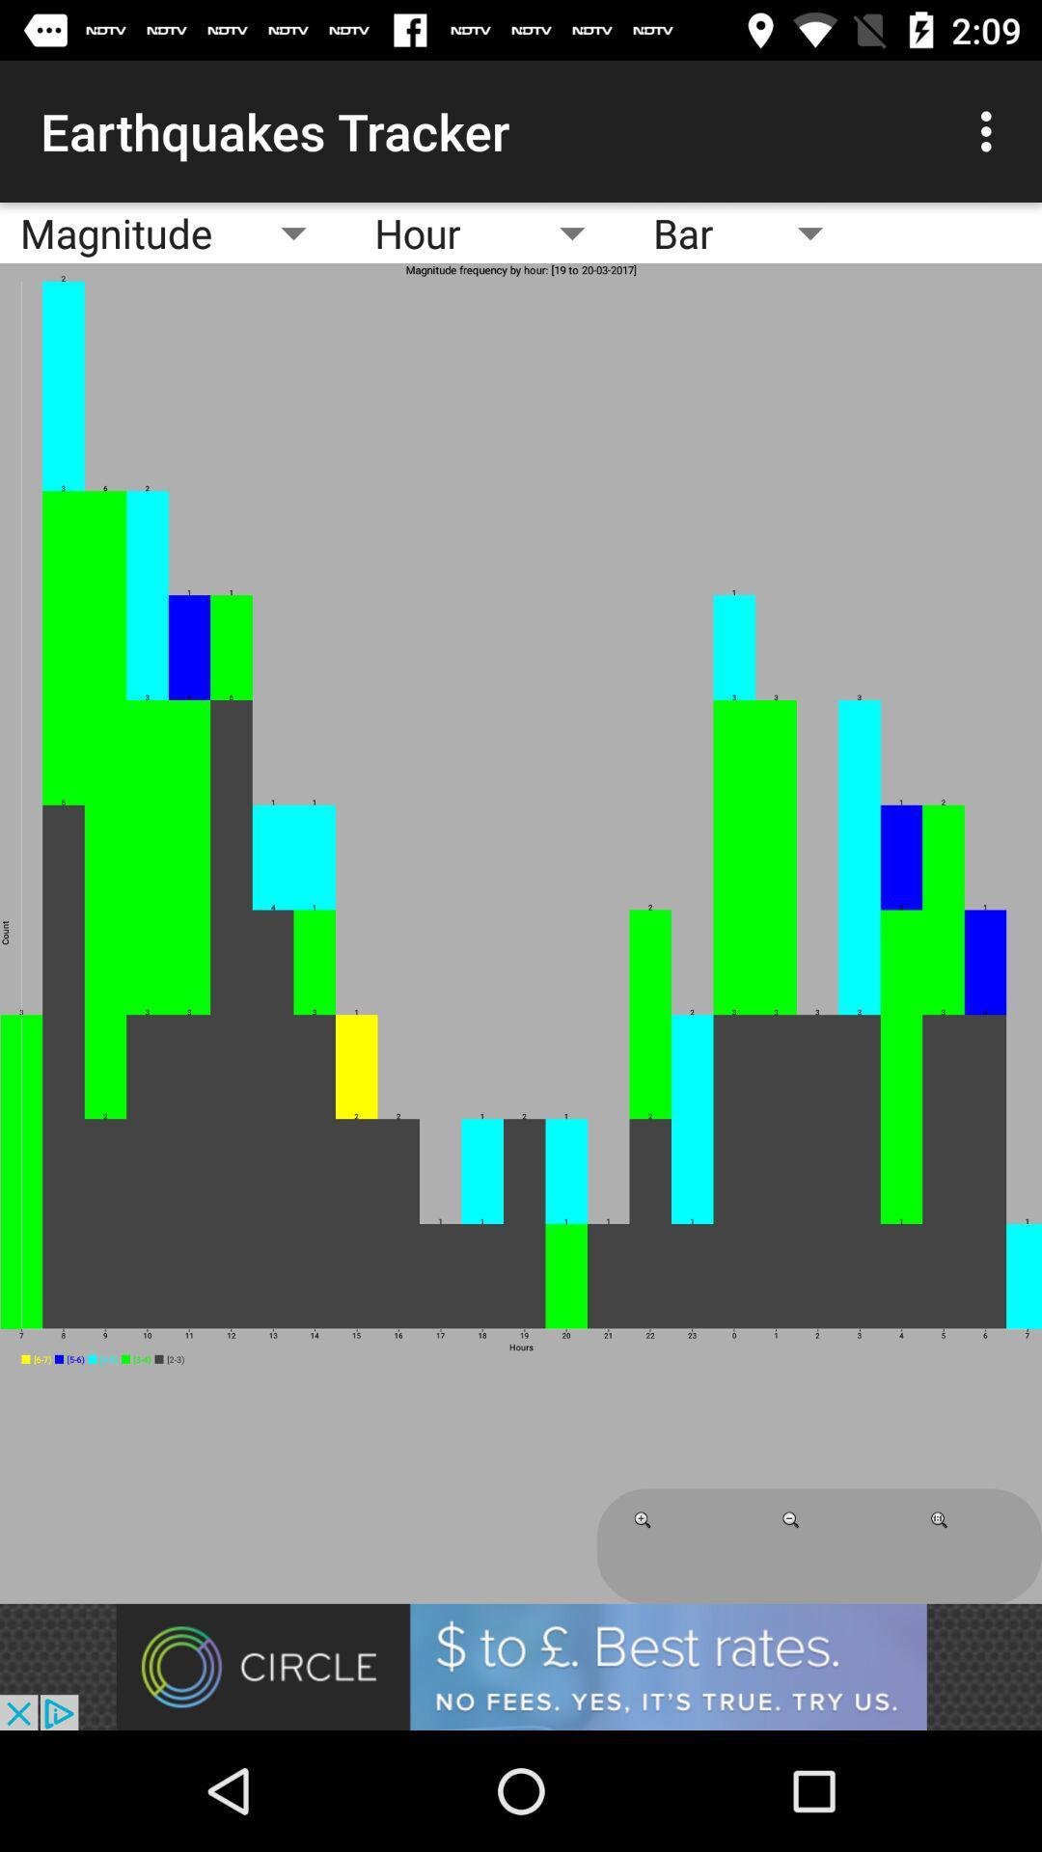 The height and width of the screenshot is (1852, 1042). Describe the element at coordinates (521, 1666) in the screenshot. I see `open advertisement` at that location.